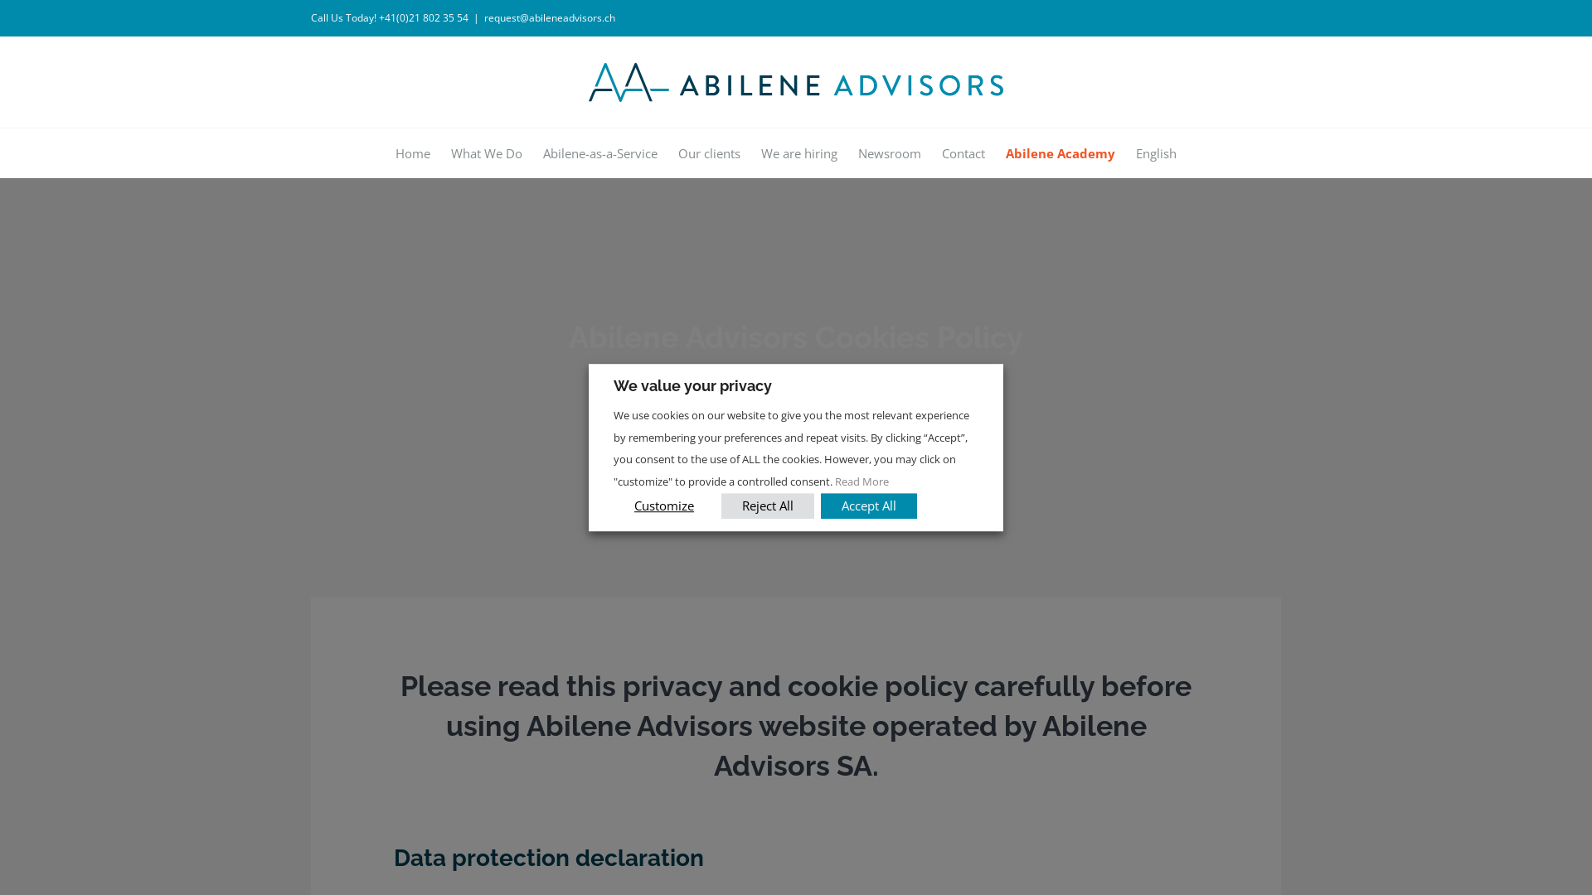  What do you see at coordinates (1058, 152) in the screenshot?
I see `'Abilene Academy'` at bounding box center [1058, 152].